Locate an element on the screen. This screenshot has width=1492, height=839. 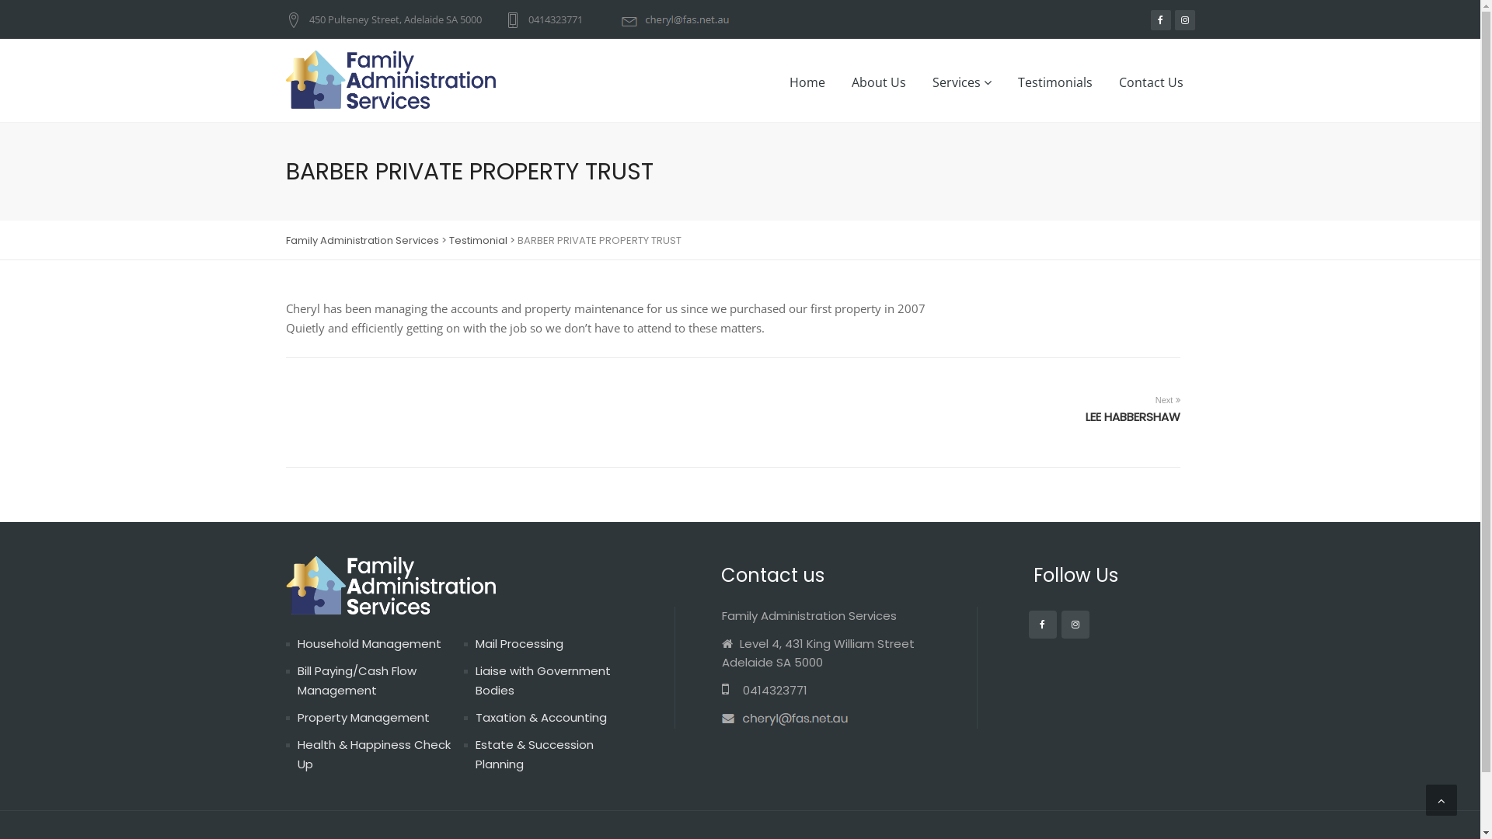
'About Us' is located at coordinates (877, 82).